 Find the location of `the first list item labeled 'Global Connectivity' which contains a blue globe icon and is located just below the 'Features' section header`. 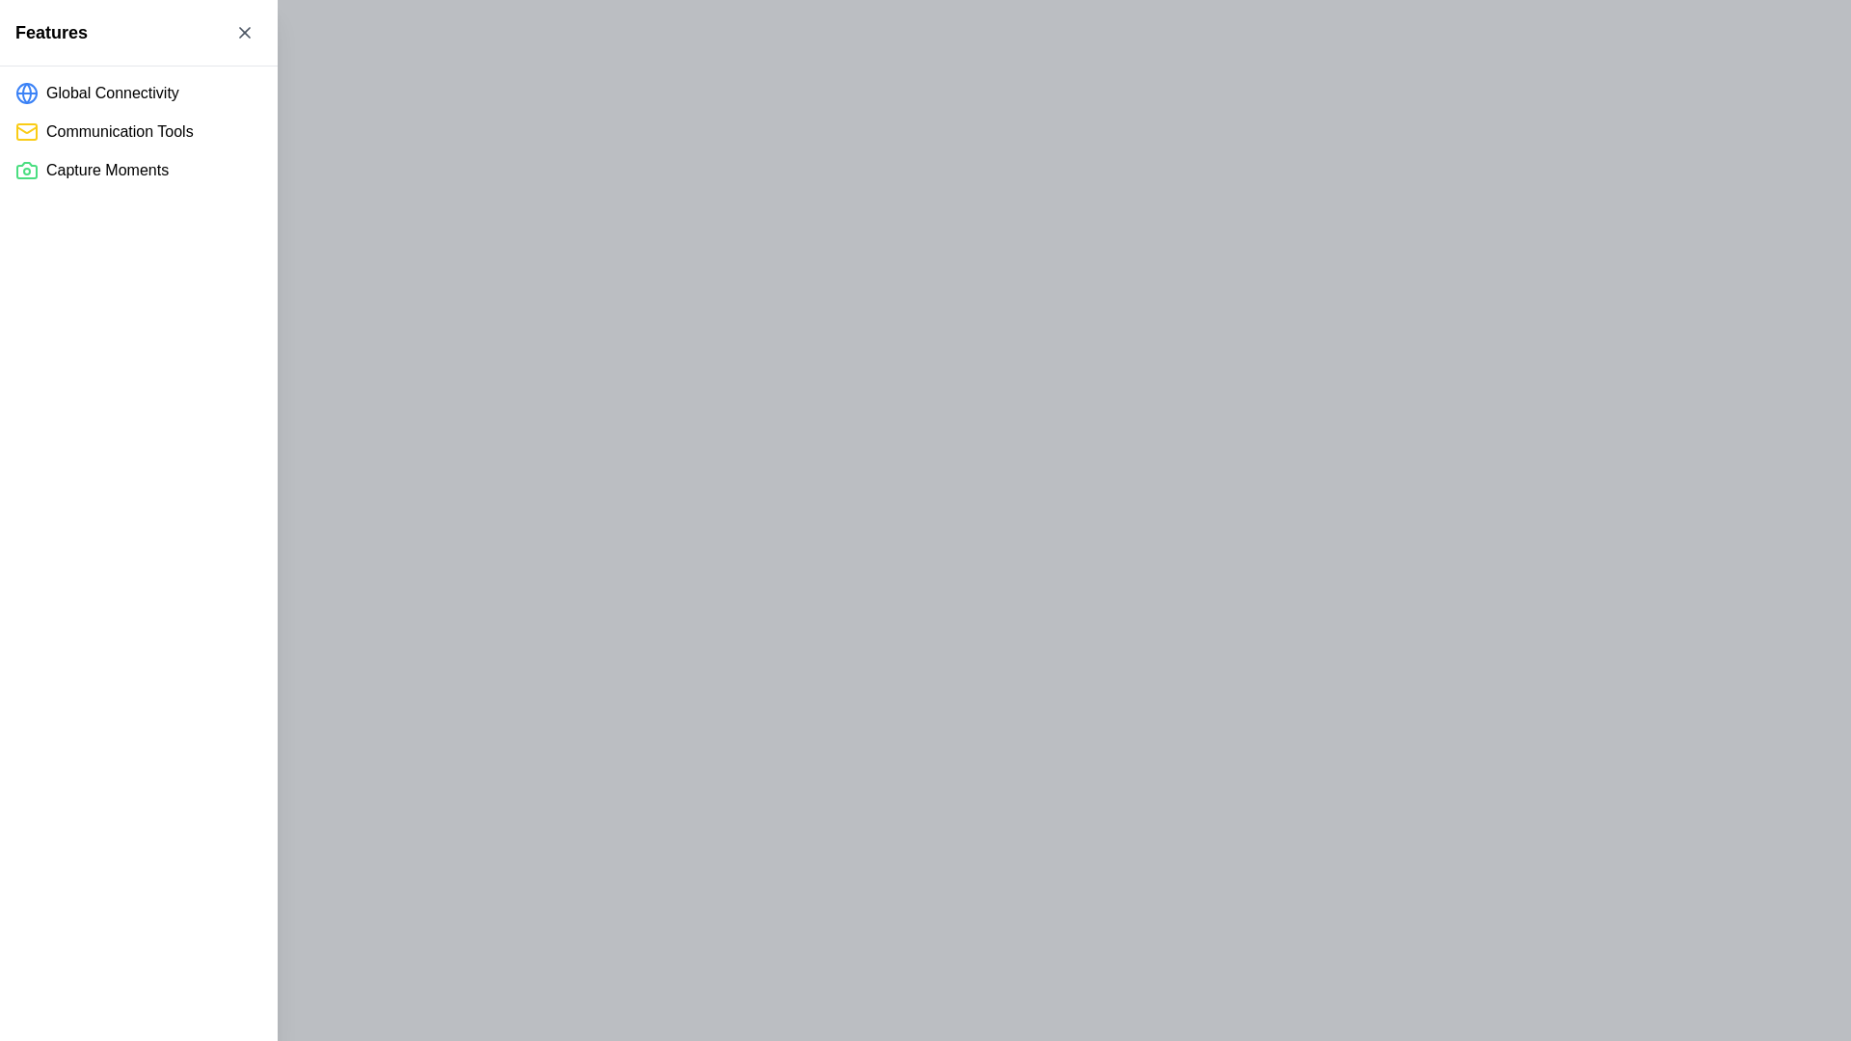

the first list item labeled 'Global Connectivity' which contains a blue globe icon and is located just below the 'Features' section header is located at coordinates (138, 93).